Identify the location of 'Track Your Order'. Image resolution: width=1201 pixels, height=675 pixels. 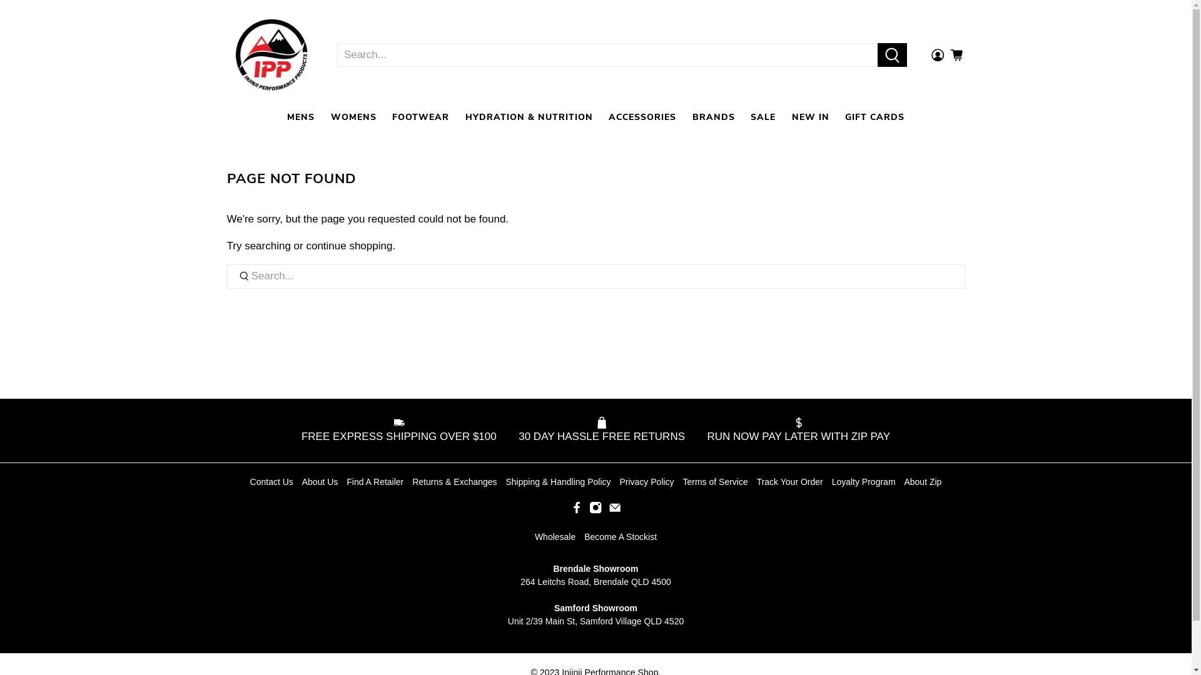
(789, 481).